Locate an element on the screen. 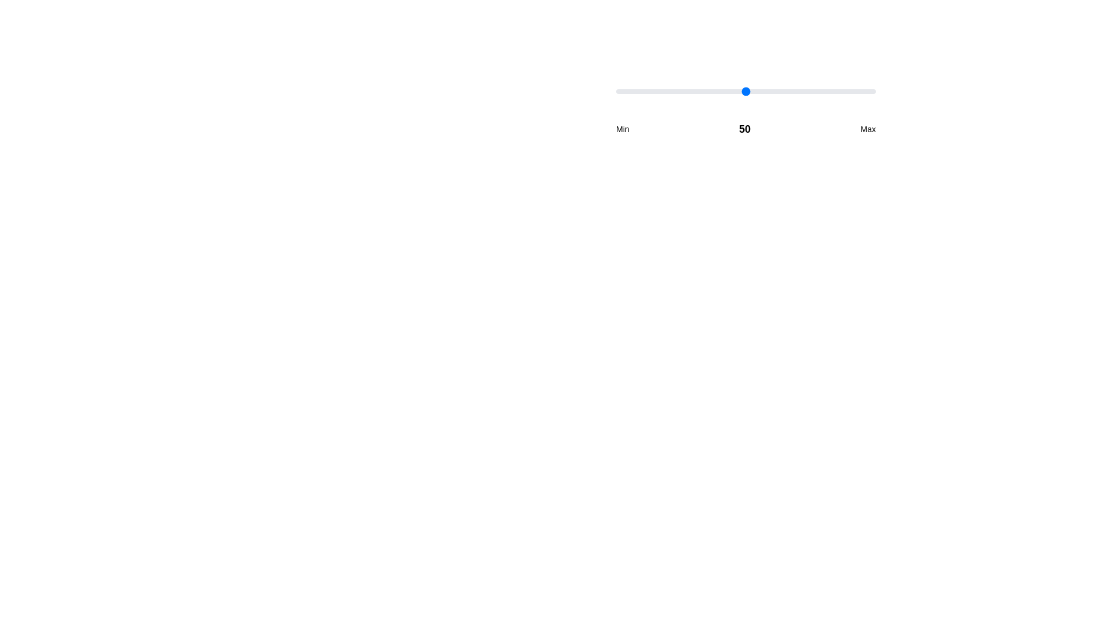 The height and width of the screenshot is (626, 1113). the slider is located at coordinates (761, 91).